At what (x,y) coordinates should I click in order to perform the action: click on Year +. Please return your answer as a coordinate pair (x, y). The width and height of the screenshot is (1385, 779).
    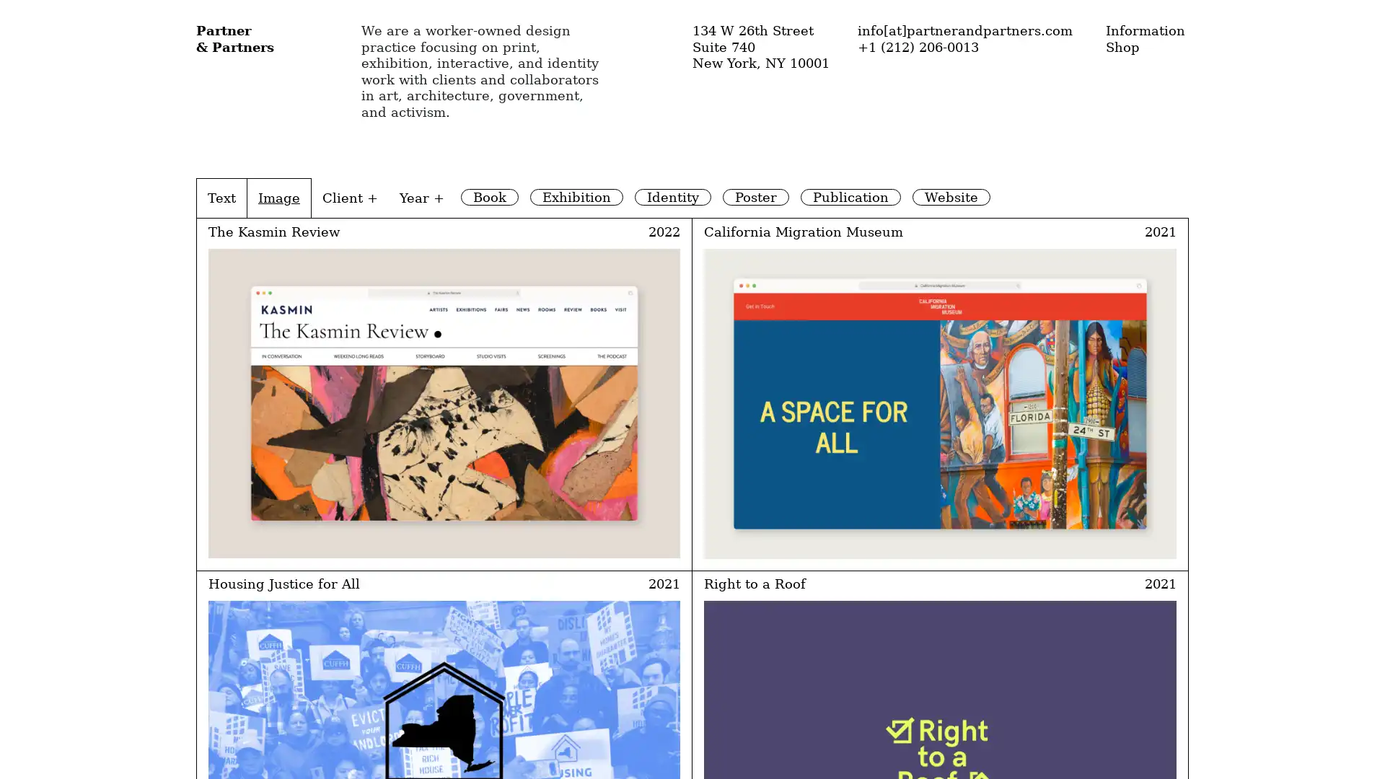
    Looking at the image, I should click on (421, 197).